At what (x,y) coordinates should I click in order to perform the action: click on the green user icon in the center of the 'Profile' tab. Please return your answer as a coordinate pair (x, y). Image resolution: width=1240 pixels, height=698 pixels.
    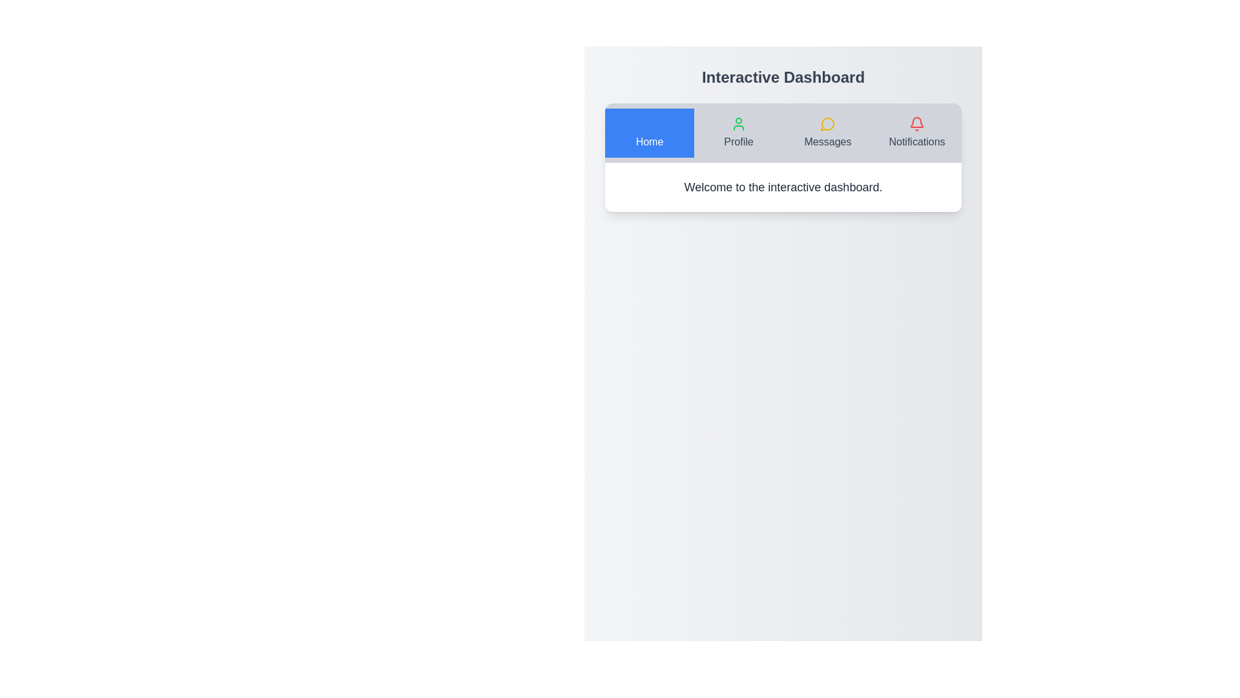
    Looking at the image, I should click on (738, 124).